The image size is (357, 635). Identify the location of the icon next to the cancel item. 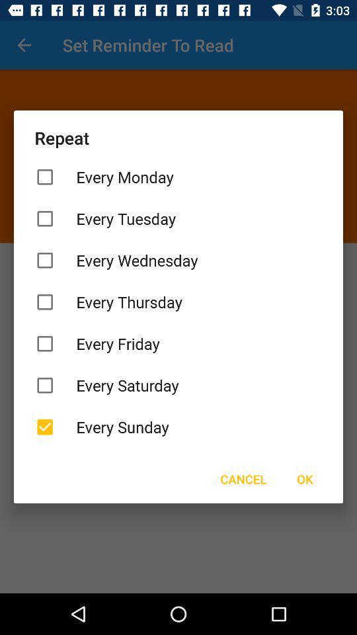
(305, 478).